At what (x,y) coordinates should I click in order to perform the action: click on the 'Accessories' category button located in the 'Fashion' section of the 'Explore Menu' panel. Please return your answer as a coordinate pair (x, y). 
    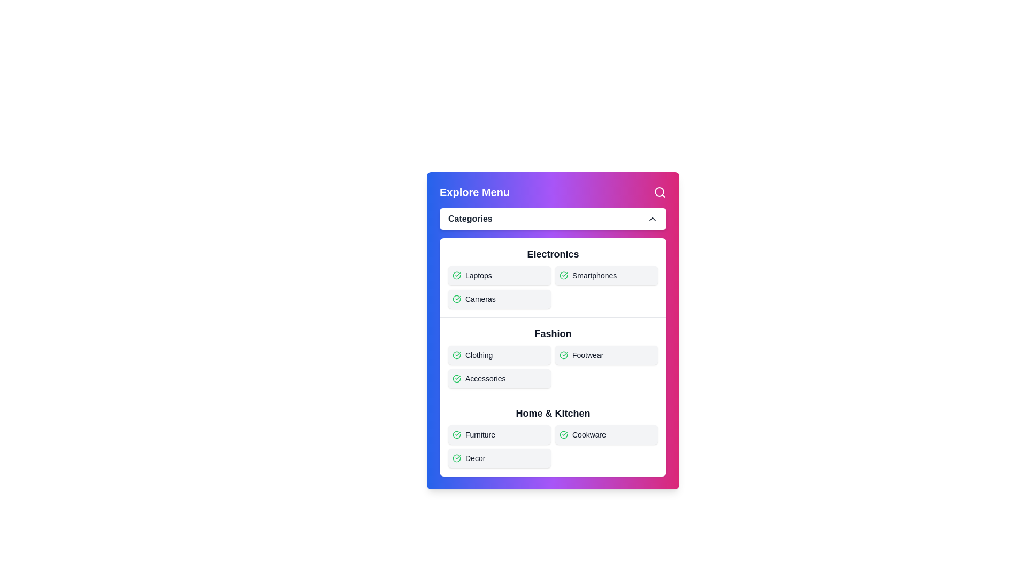
    Looking at the image, I should click on (499, 378).